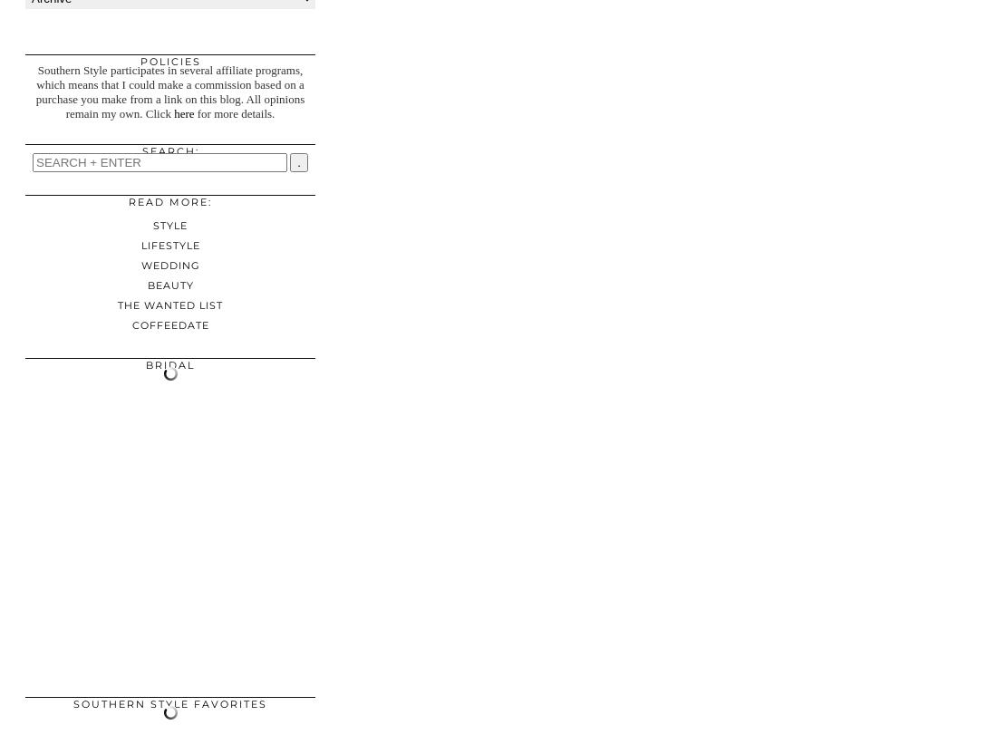  I want to click on 'Read more:', so click(169, 202).